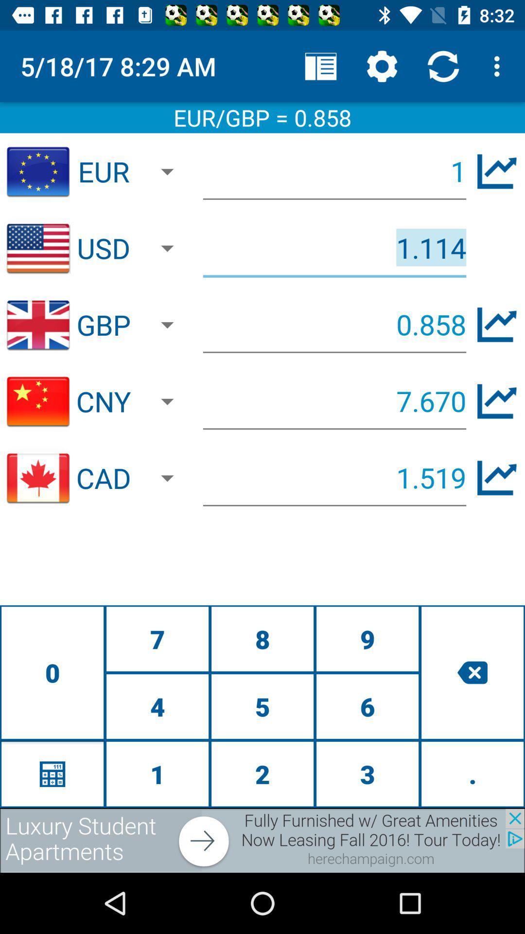 The image size is (525, 934). What do you see at coordinates (52, 773) in the screenshot?
I see `calculator` at bounding box center [52, 773].